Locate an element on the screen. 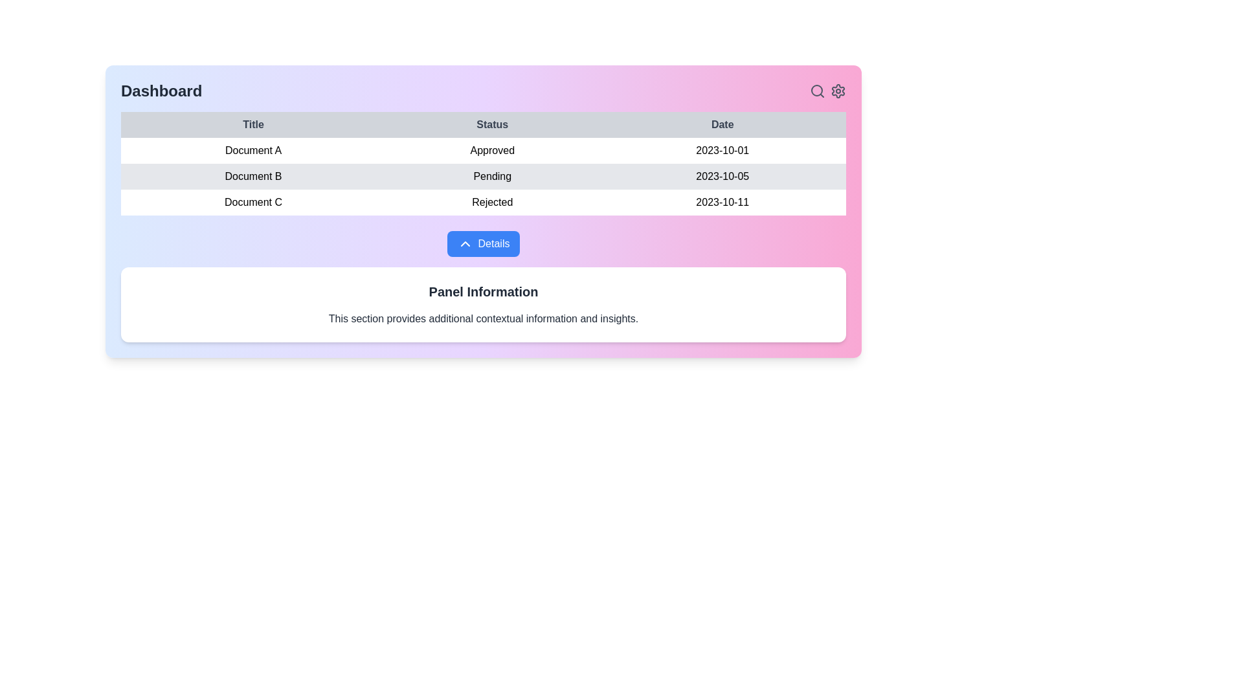 The height and width of the screenshot is (699, 1243). the static text providing additional explanatory information related to the 'Panel Information' section, located directly beneath the 'Panel Information' heading is located at coordinates (483, 319).